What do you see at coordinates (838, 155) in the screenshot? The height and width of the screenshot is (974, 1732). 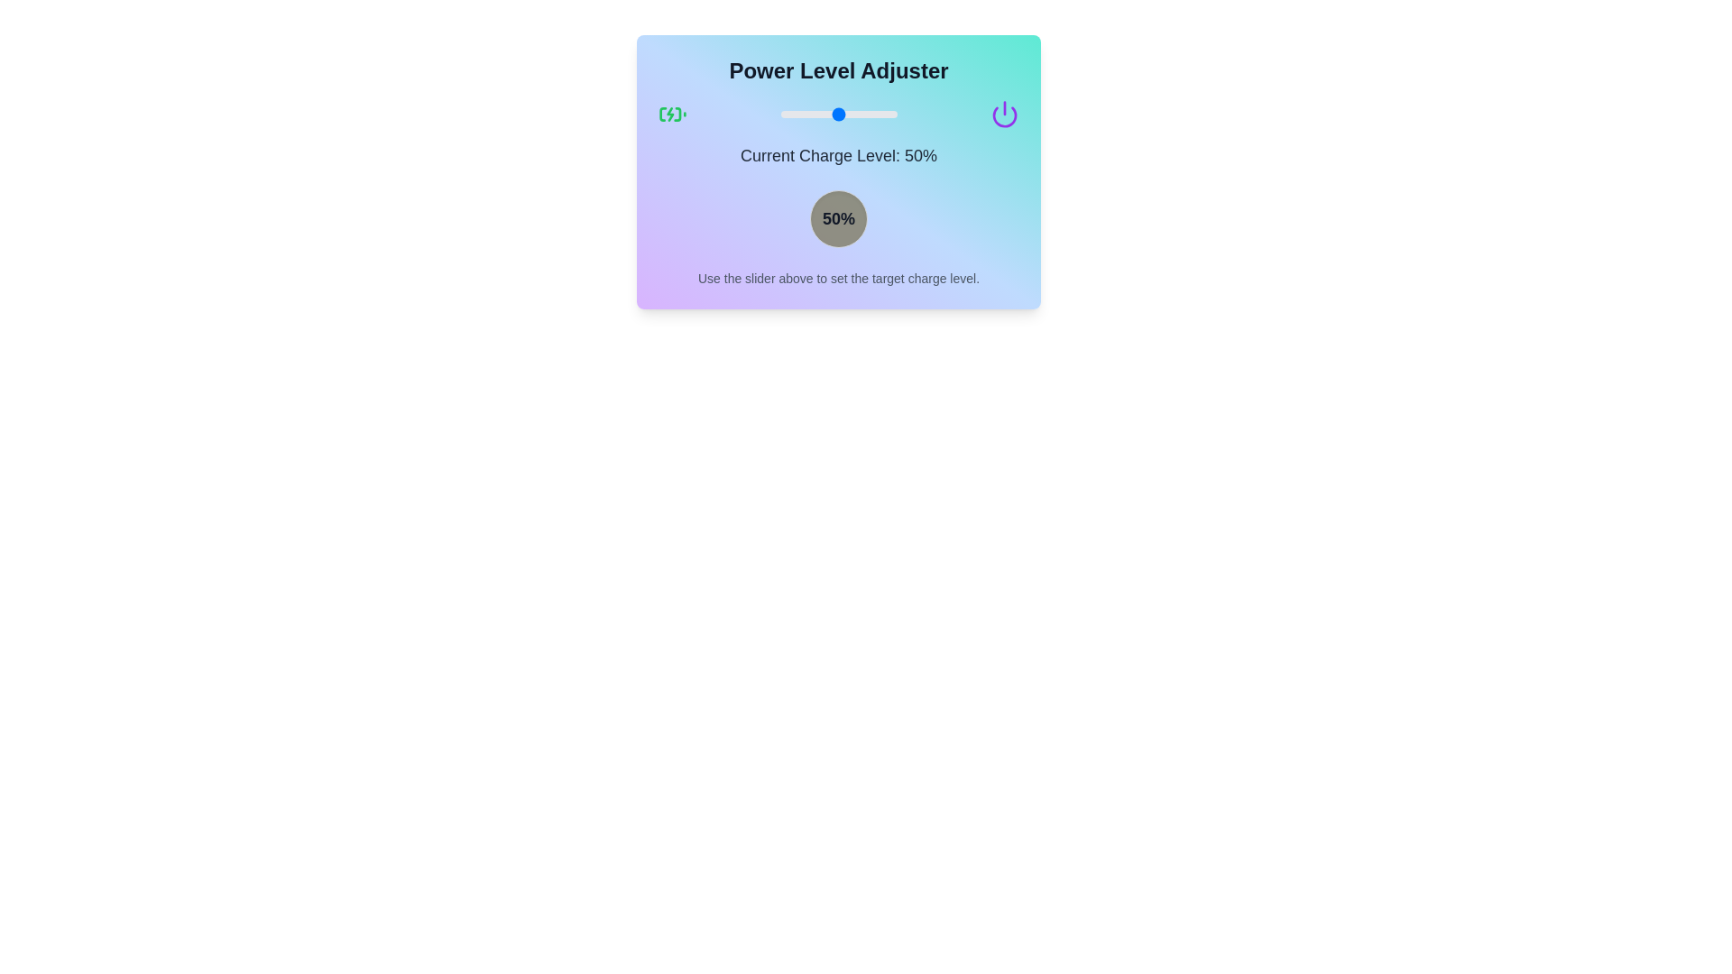 I see `text label that displays 'Current Charge Level: 50%' which is in bold black font and is located under the blue slider and above the round button` at bounding box center [838, 155].